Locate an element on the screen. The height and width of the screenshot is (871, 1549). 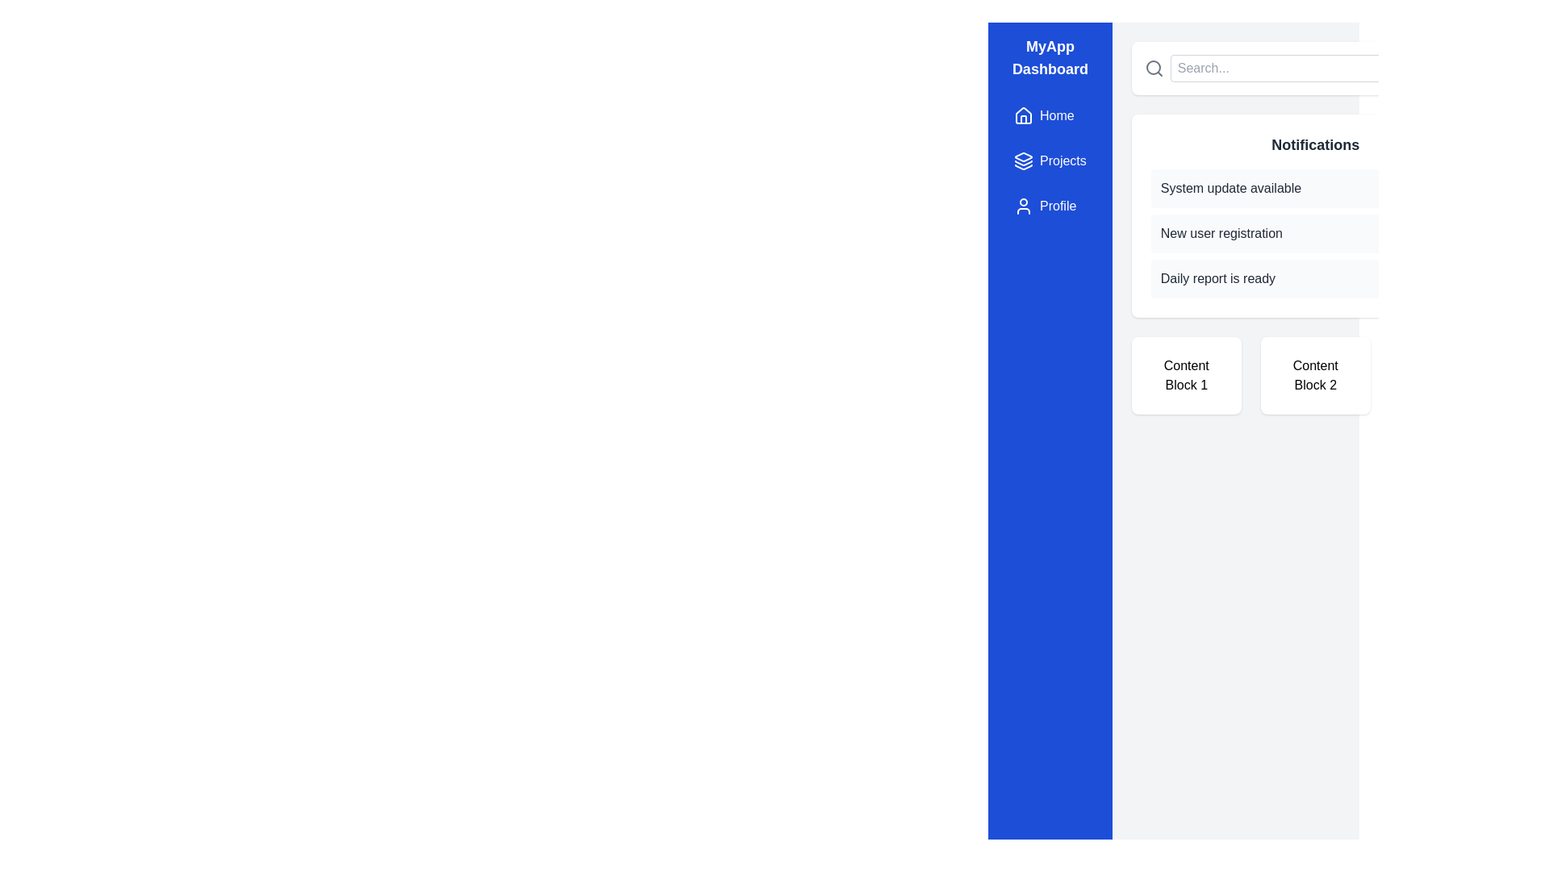
the middle layer of the three-layer stack icon representing the 'Projects' section in the vertical menu bar is located at coordinates (1022, 162).